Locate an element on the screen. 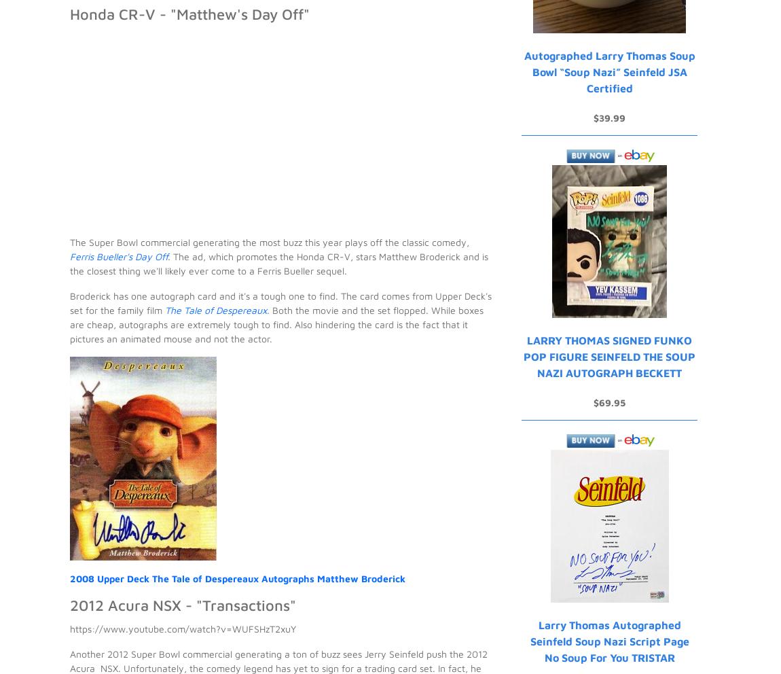 Image resolution: width=781 pixels, height=674 pixels. 'will not be published' is located at coordinates (189, 299).